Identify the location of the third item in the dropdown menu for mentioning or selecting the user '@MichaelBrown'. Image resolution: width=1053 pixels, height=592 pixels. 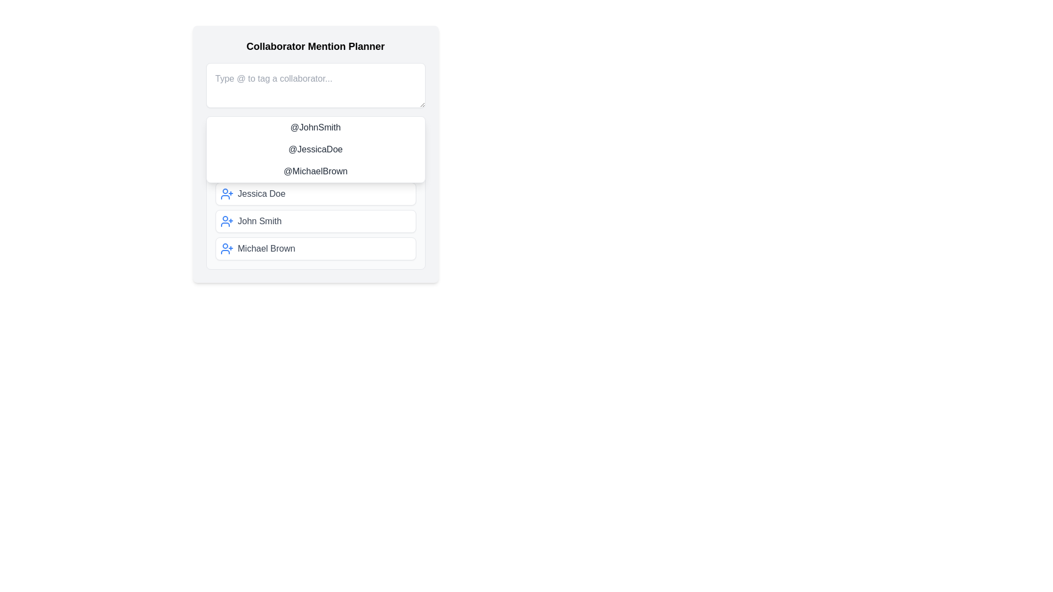
(315, 171).